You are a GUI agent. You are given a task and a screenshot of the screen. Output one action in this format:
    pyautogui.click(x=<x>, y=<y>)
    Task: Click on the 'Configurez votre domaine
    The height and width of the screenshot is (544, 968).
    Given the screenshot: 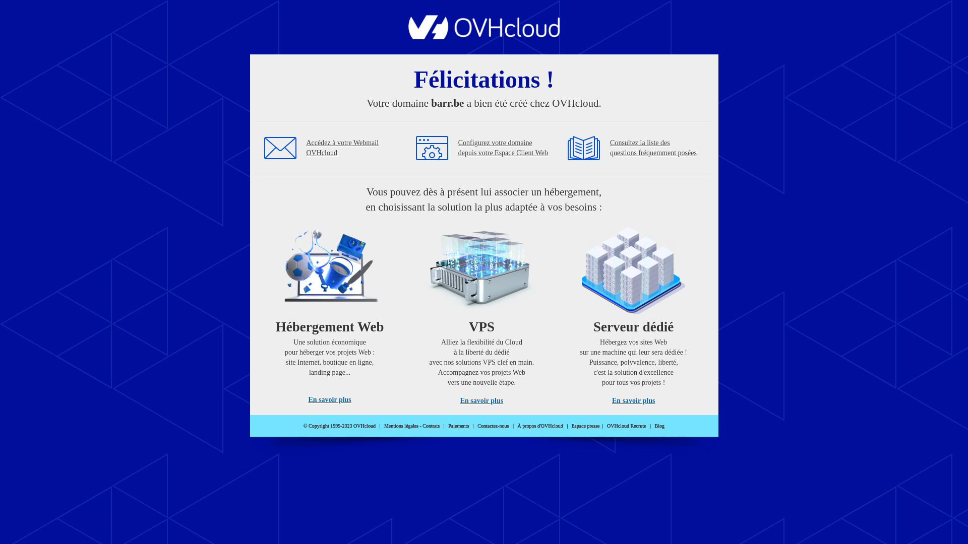 What is the action you would take?
    pyautogui.click(x=503, y=148)
    